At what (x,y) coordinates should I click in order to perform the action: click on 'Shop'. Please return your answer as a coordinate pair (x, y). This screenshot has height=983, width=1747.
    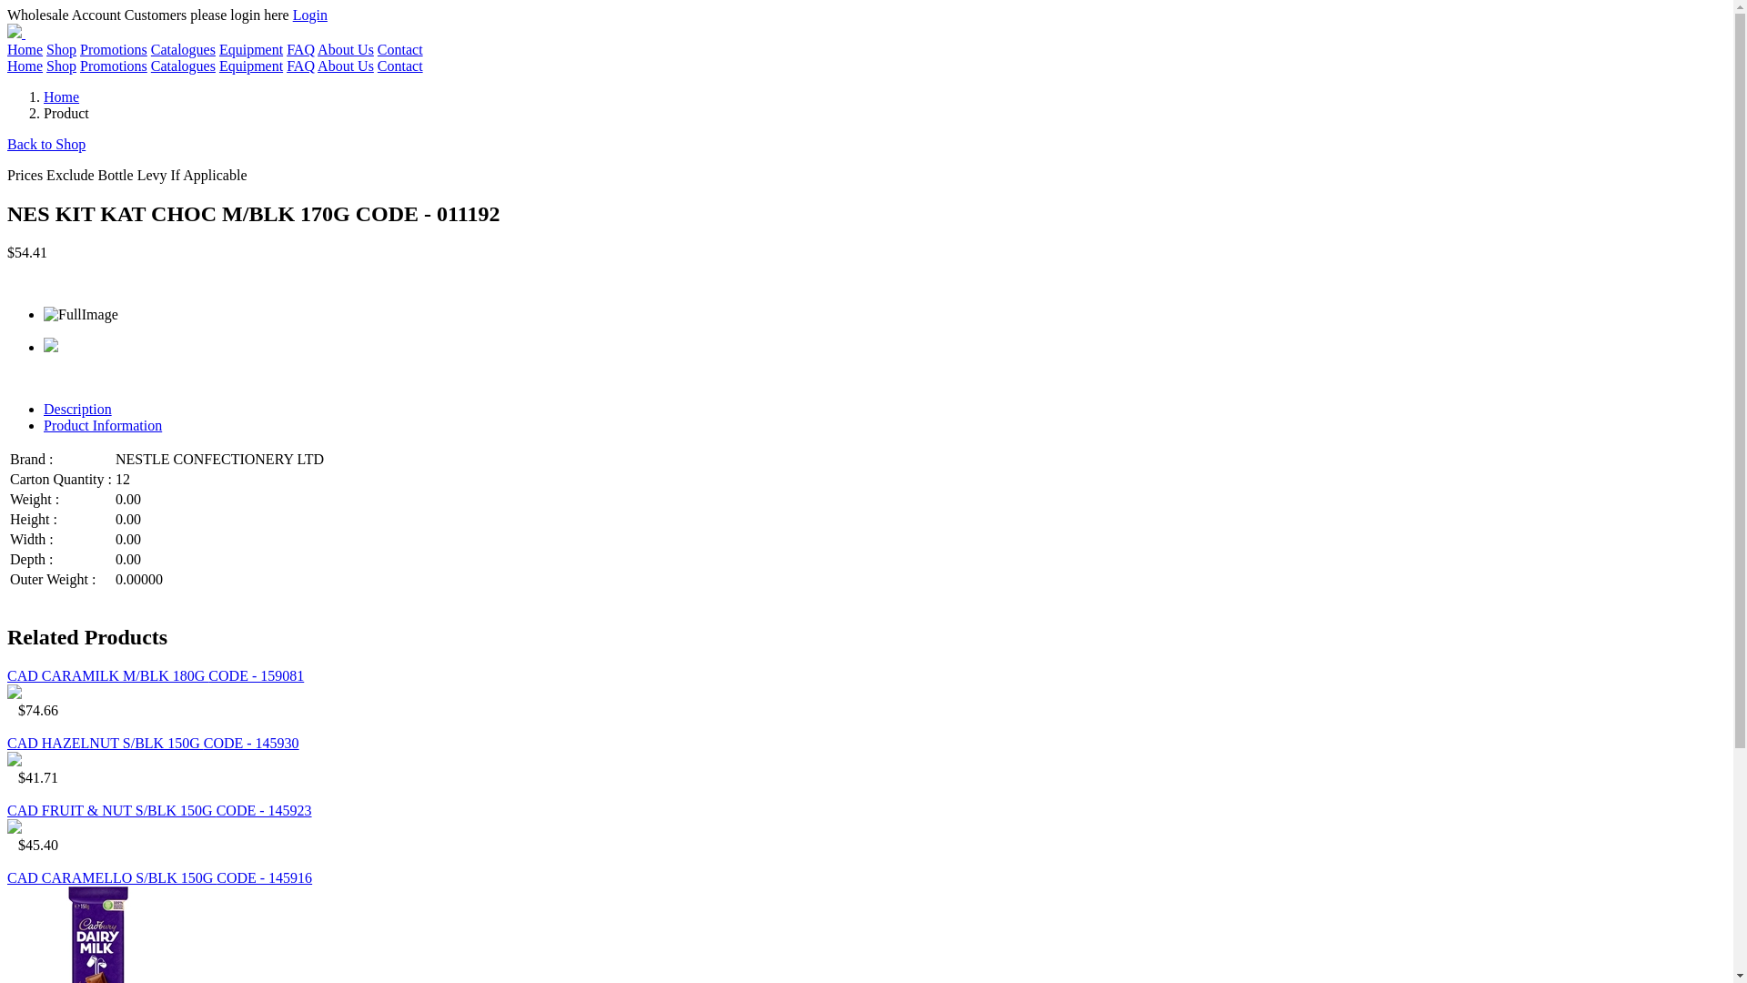
    Looking at the image, I should click on (61, 65).